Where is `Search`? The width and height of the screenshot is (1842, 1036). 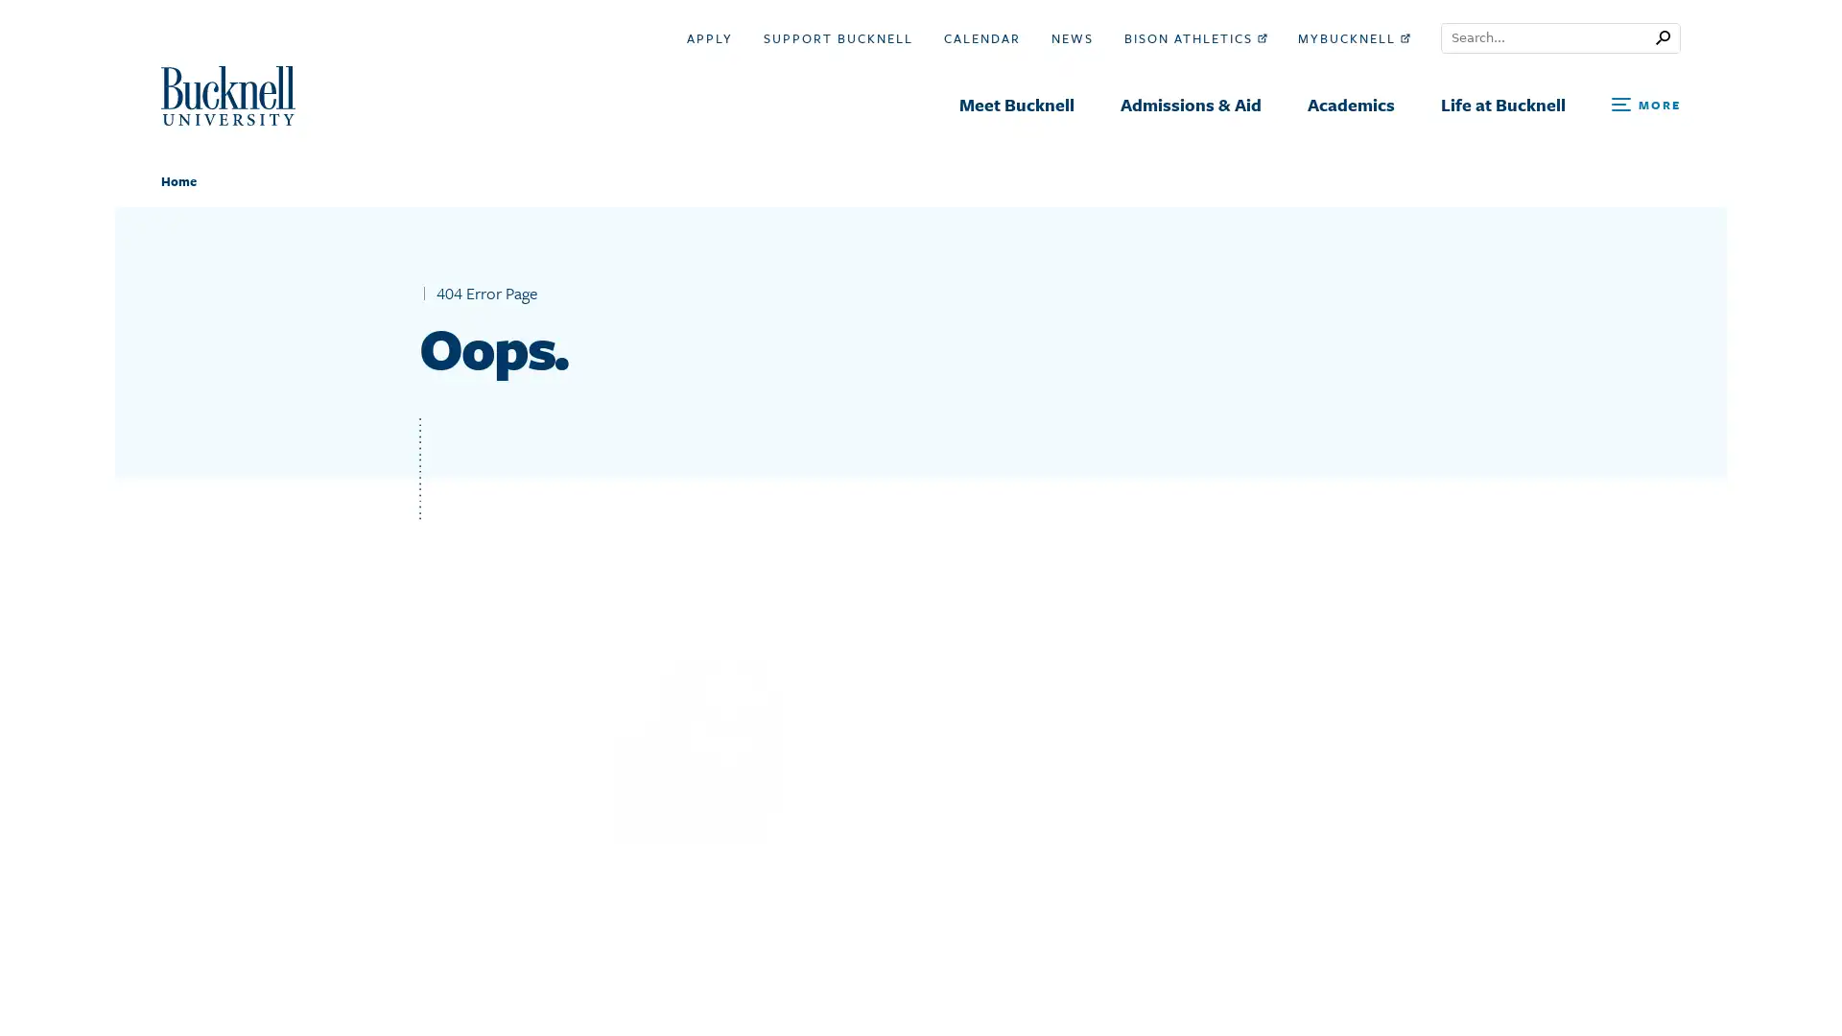 Search is located at coordinates (1195, 1008).